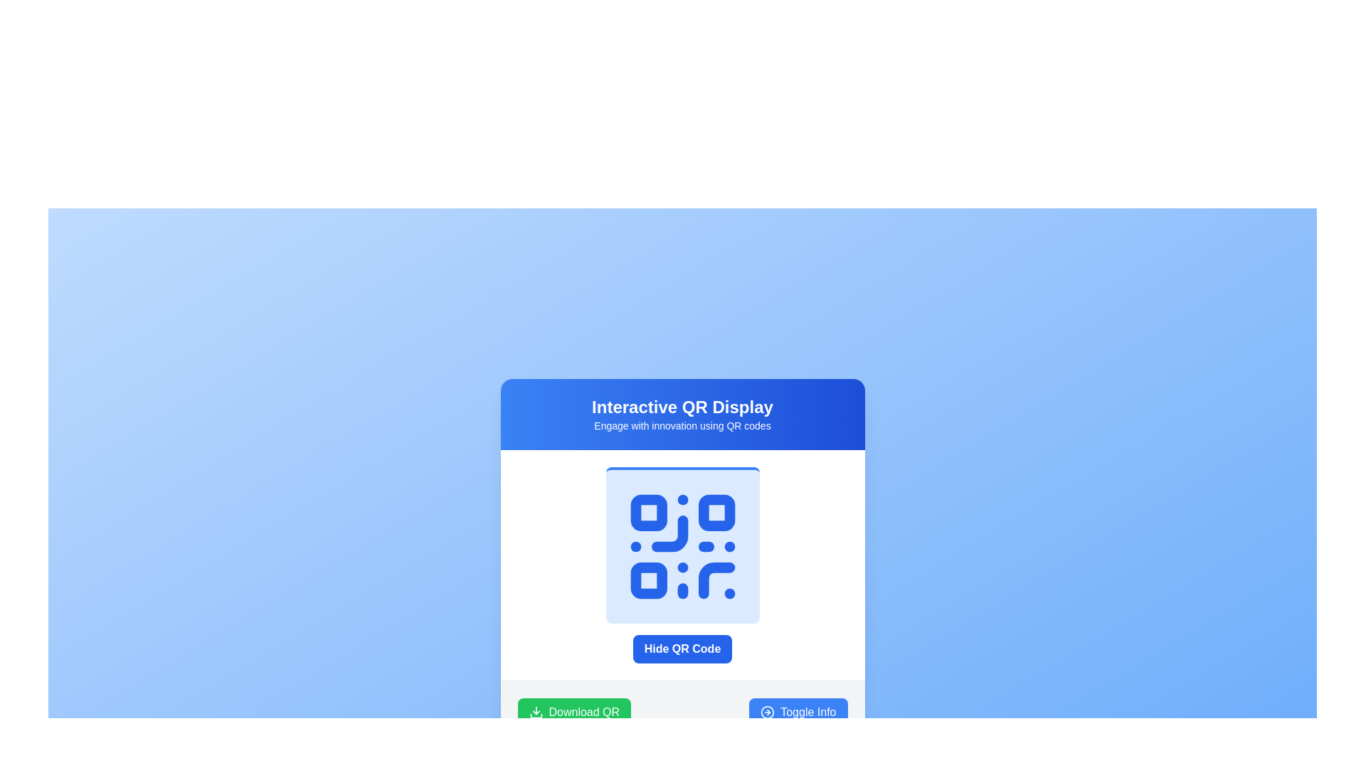  I want to click on the stylized blue QR code icon located in the 'Interactive QR Display' section of the interface, so click(682, 545).